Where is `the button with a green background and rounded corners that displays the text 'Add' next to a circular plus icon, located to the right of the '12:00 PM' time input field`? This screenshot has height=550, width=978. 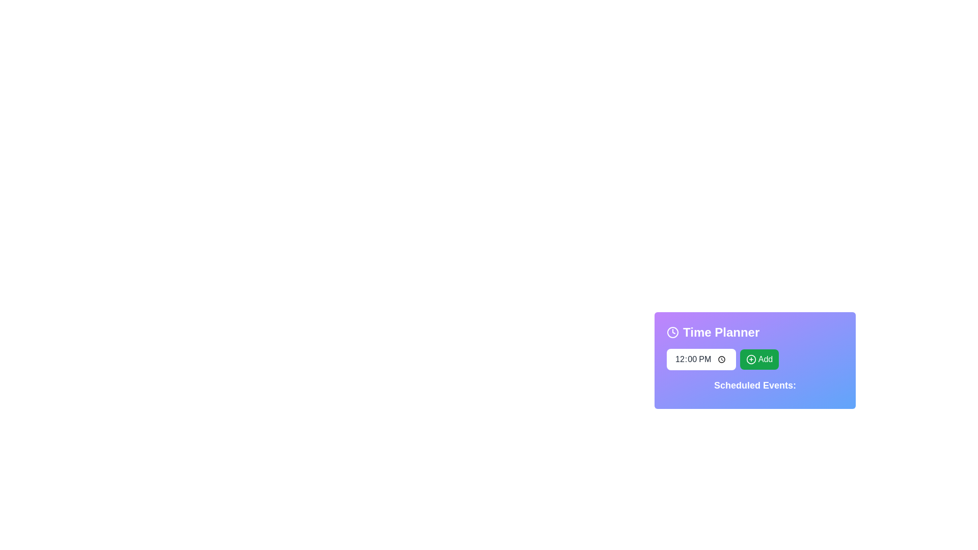 the button with a green background and rounded corners that displays the text 'Add' next to a circular plus icon, located to the right of the '12:00 PM' time input field is located at coordinates (759, 359).